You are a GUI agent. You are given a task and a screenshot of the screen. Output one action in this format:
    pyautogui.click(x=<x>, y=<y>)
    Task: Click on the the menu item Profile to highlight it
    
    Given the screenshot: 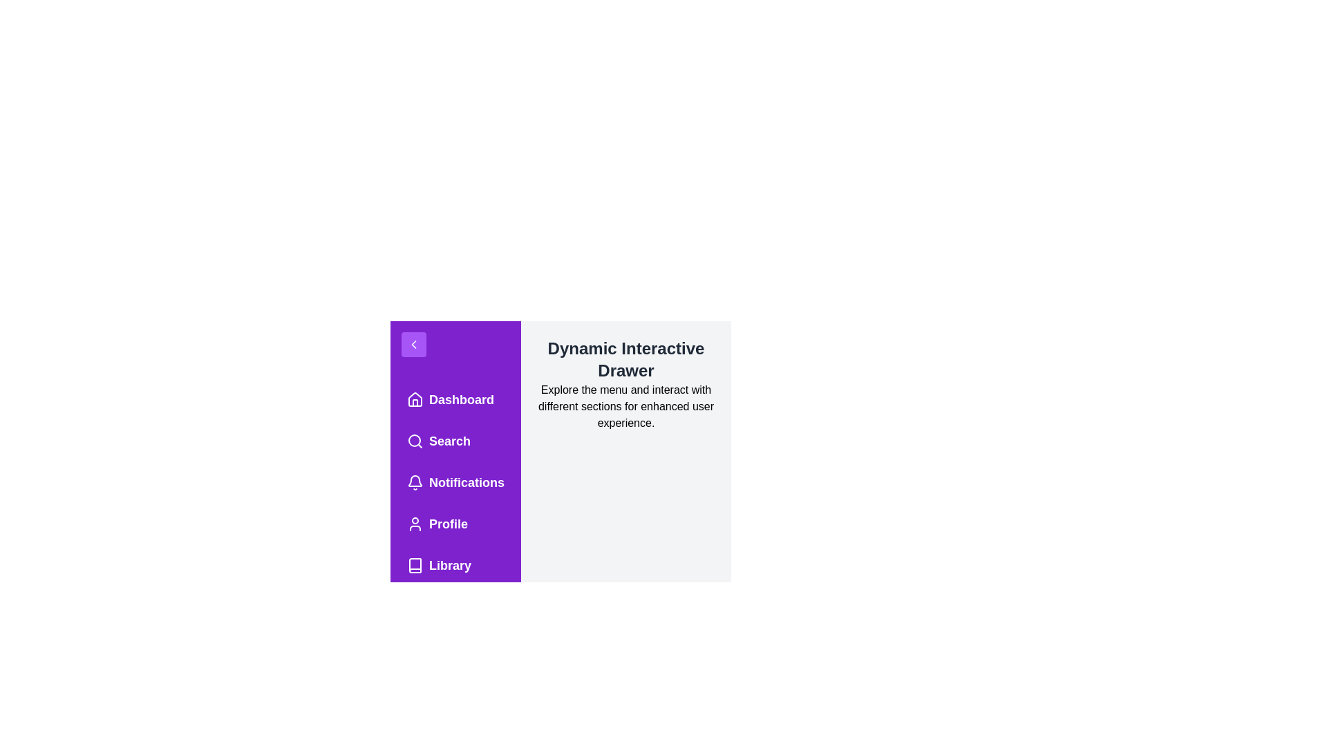 What is the action you would take?
    pyautogui.click(x=455, y=524)
    